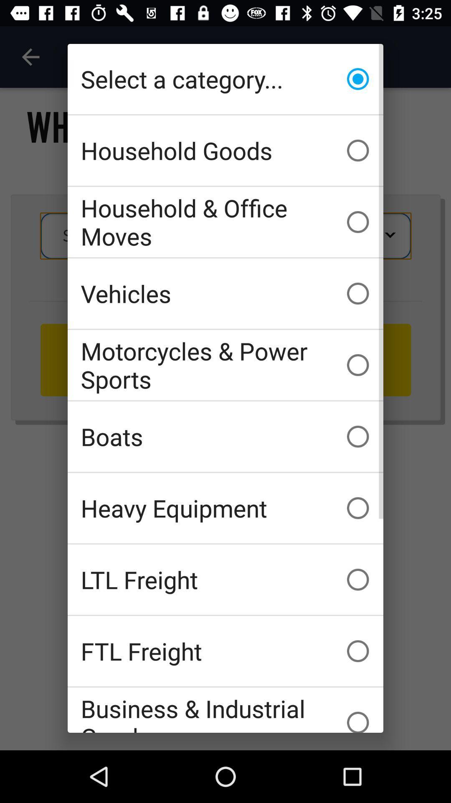 This screenshot has height=803, width=451. Describe the element at coordinates (225, 79) in the screenshot. I see `the icon above household goods item` at that location.